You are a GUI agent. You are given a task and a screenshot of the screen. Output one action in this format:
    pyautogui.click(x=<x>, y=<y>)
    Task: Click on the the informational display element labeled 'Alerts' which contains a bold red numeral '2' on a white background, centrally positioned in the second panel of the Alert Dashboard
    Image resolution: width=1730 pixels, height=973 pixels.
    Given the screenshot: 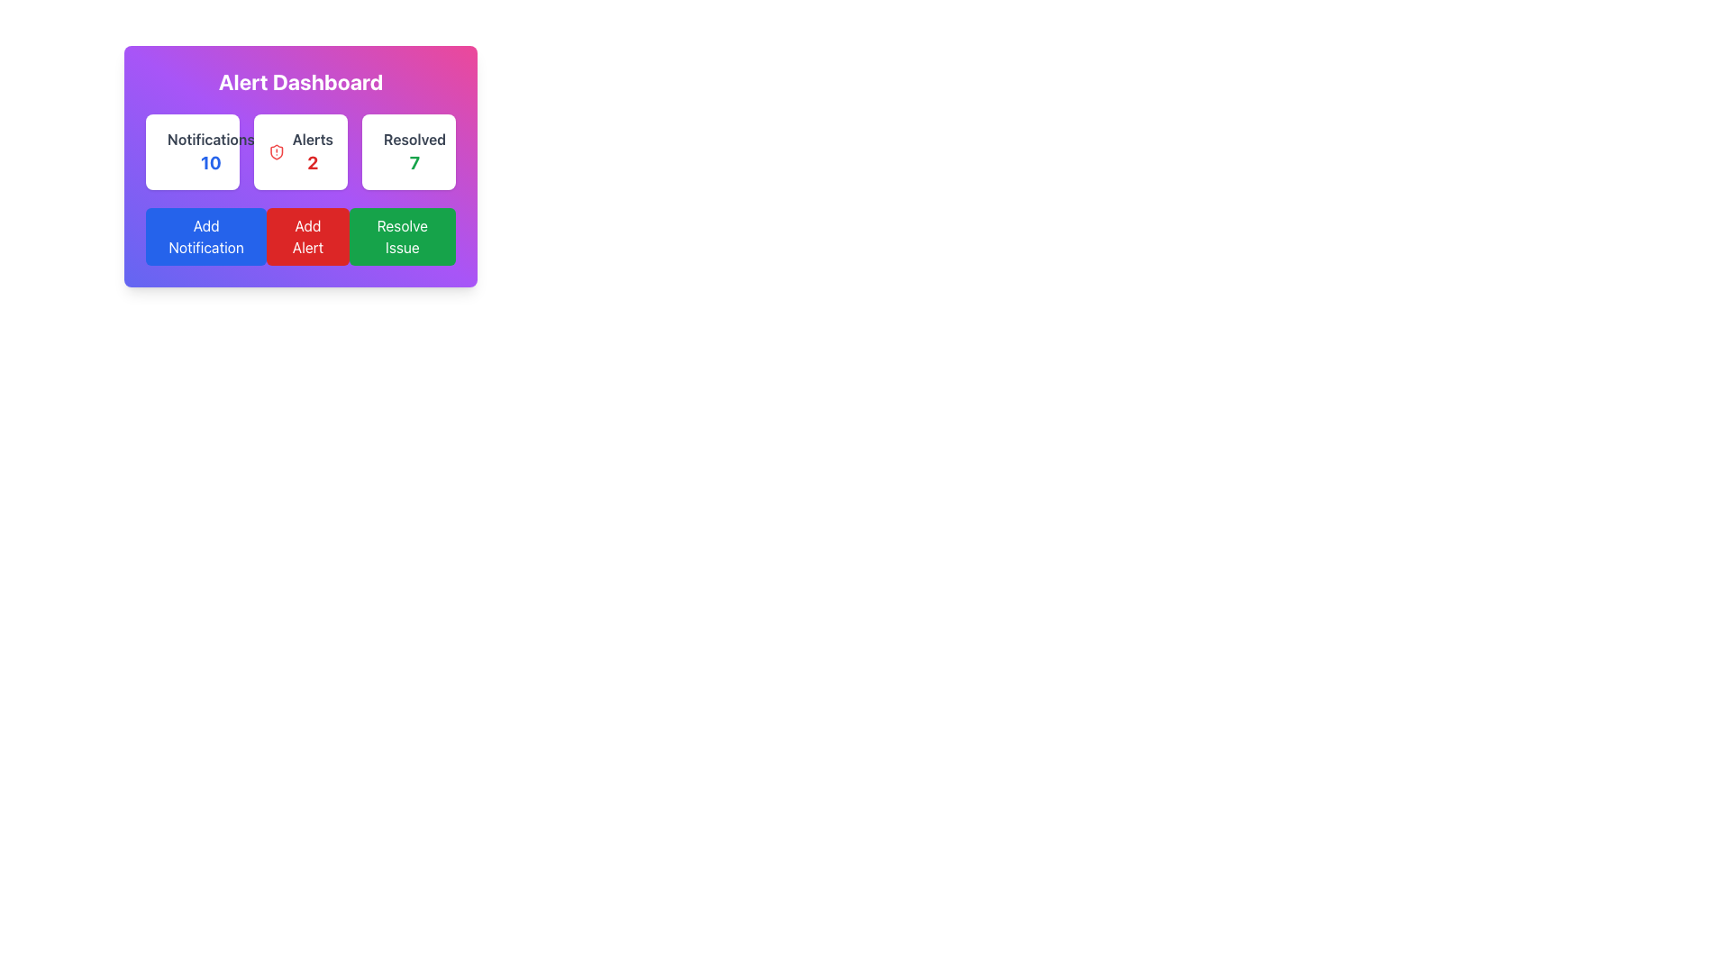 What is the action you would take?
    pyautogui.click(x=313, y=151)
    